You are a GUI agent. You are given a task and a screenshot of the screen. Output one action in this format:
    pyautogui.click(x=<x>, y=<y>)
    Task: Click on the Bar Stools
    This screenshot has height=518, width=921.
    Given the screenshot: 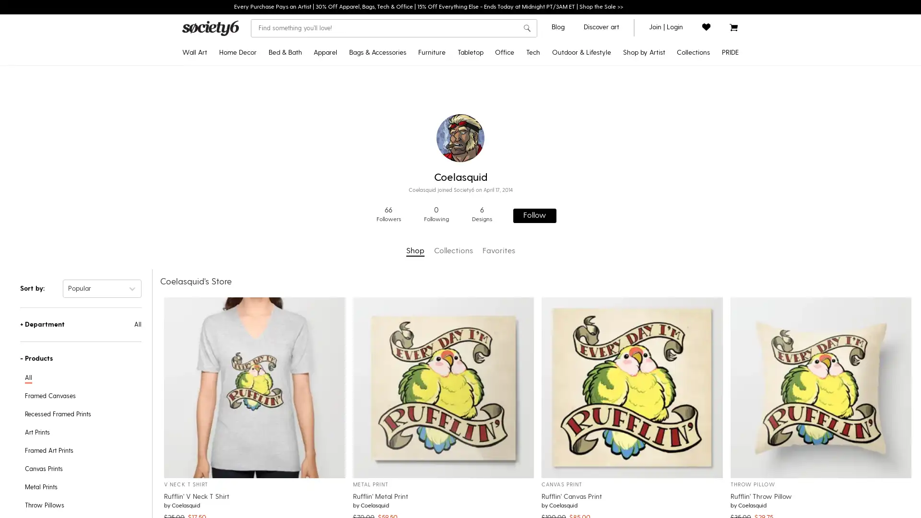 What is the action you would take?
    pyautogui.click(x=448, y=107)
    